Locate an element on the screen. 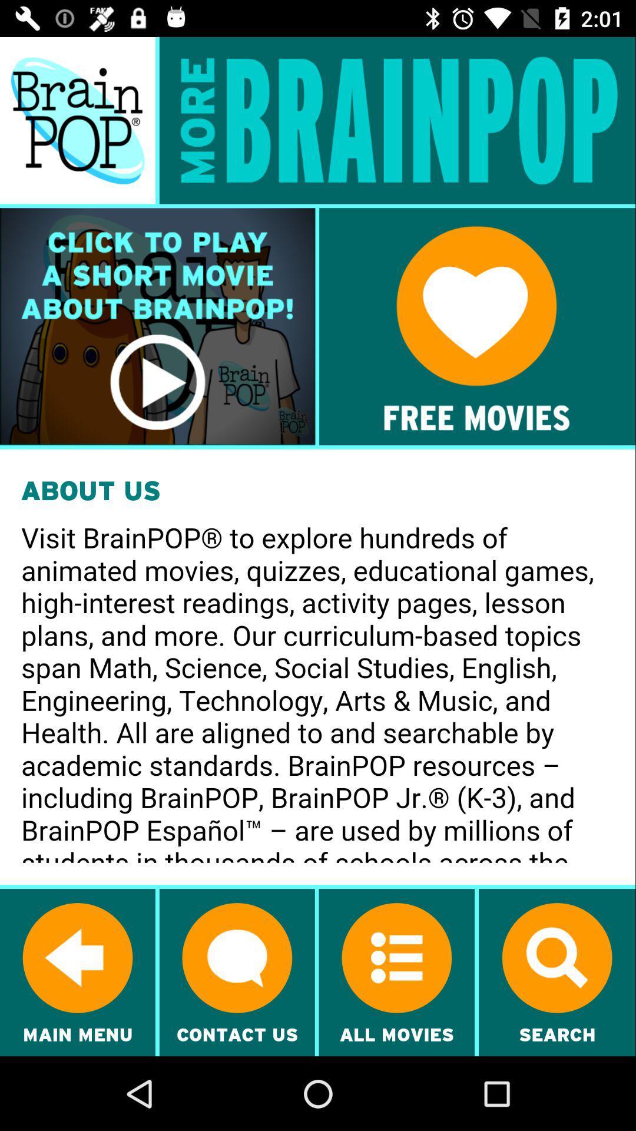 The image size is (636, 1131). main page of page is located at coordinates (77, 120).